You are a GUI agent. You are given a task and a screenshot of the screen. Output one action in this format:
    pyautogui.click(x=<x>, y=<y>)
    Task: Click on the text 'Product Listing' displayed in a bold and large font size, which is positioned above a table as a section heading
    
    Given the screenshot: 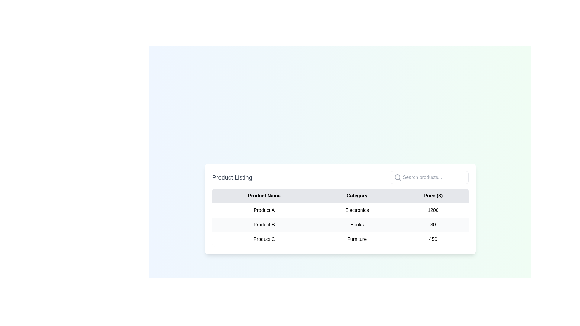 What is the action you would take?
    pyautogui.click(x=232, y=177)
    